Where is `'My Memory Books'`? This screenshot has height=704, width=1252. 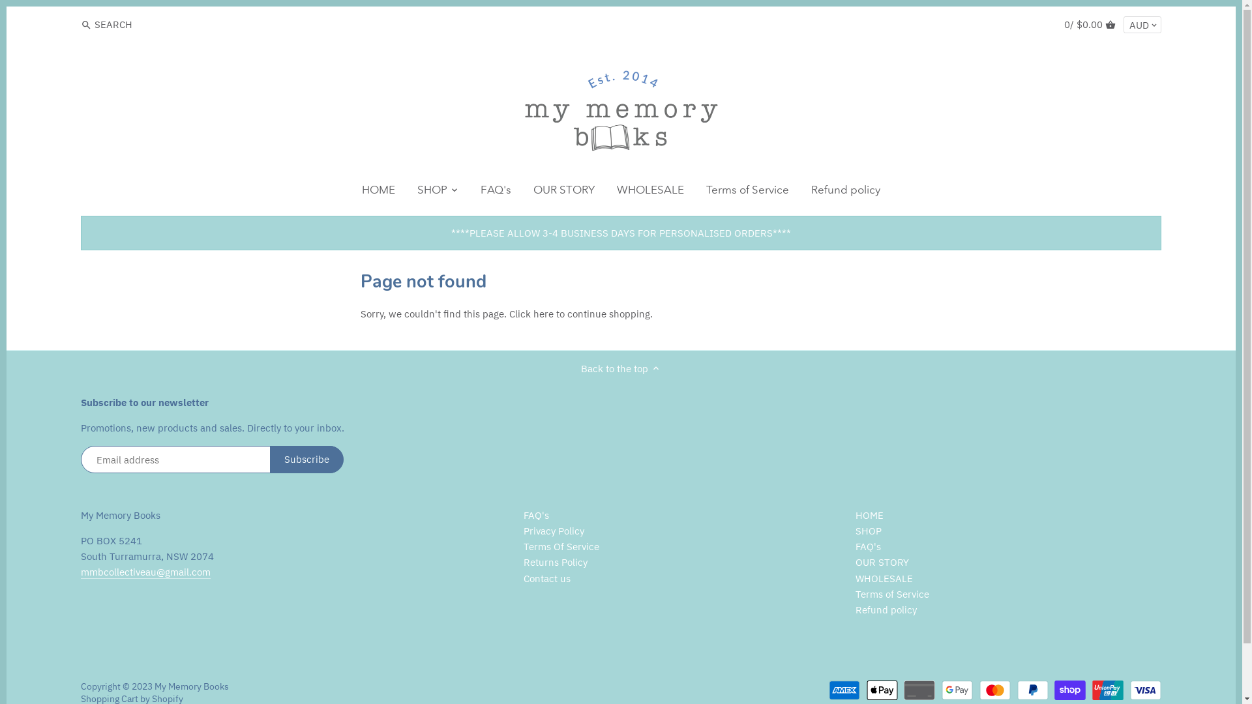
'My Memory Books' is located at coordinates (190, 686).